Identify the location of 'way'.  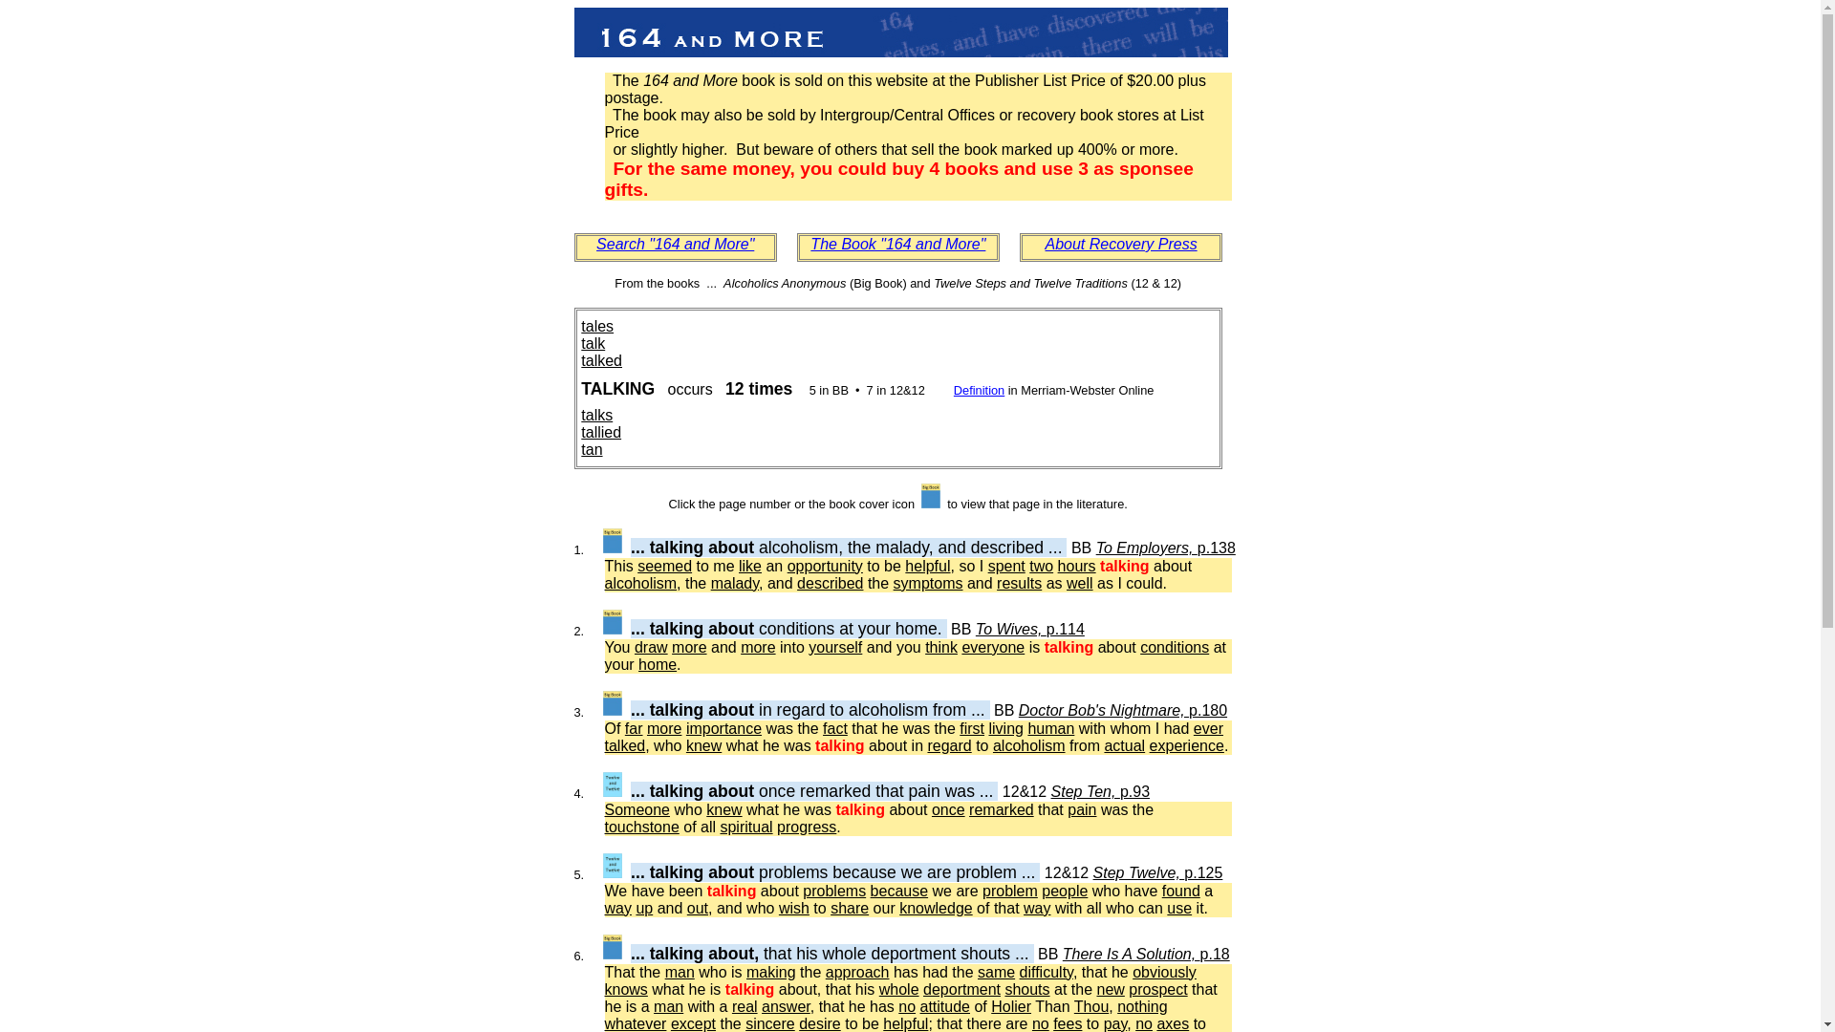
(617, 907).